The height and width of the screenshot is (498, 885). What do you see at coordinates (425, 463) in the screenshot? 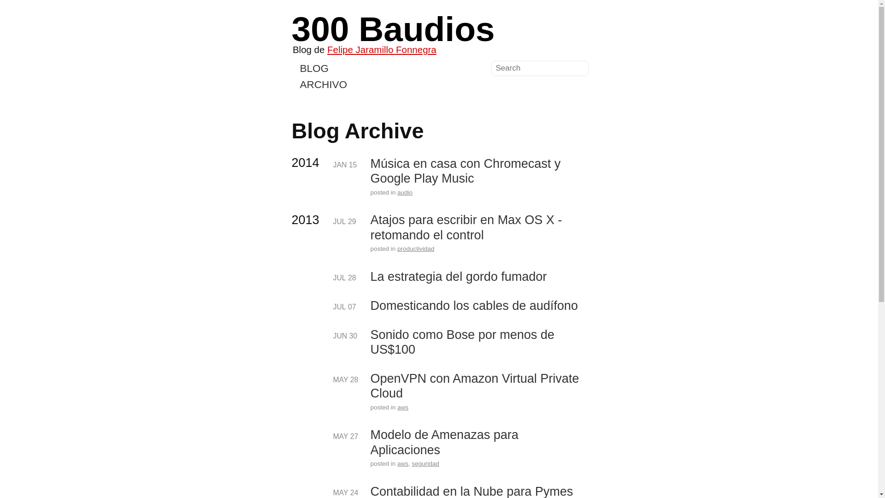
I see `'seguridad'` at bounding box center [425, 463].